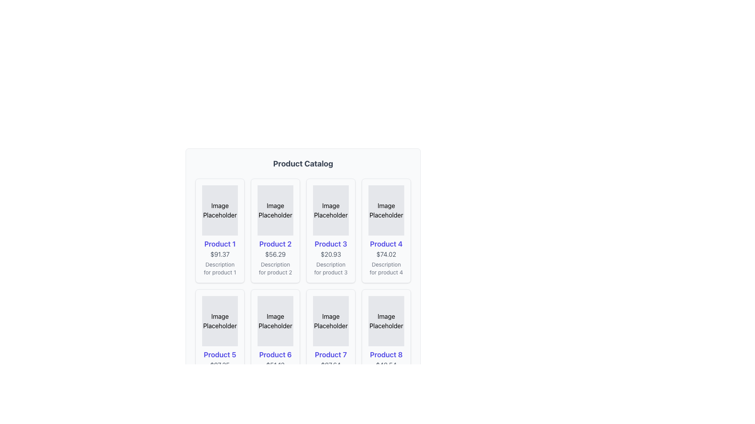 This screenshot has height=424, width=755. What do you see at coordinates (386, 210) in the screenshot?
I see `text from the placeholder for an image located in the fourth column of the first row of the 'Product Catalog' grid, above the 'Product 4' title` at bounding box center [386, 210].